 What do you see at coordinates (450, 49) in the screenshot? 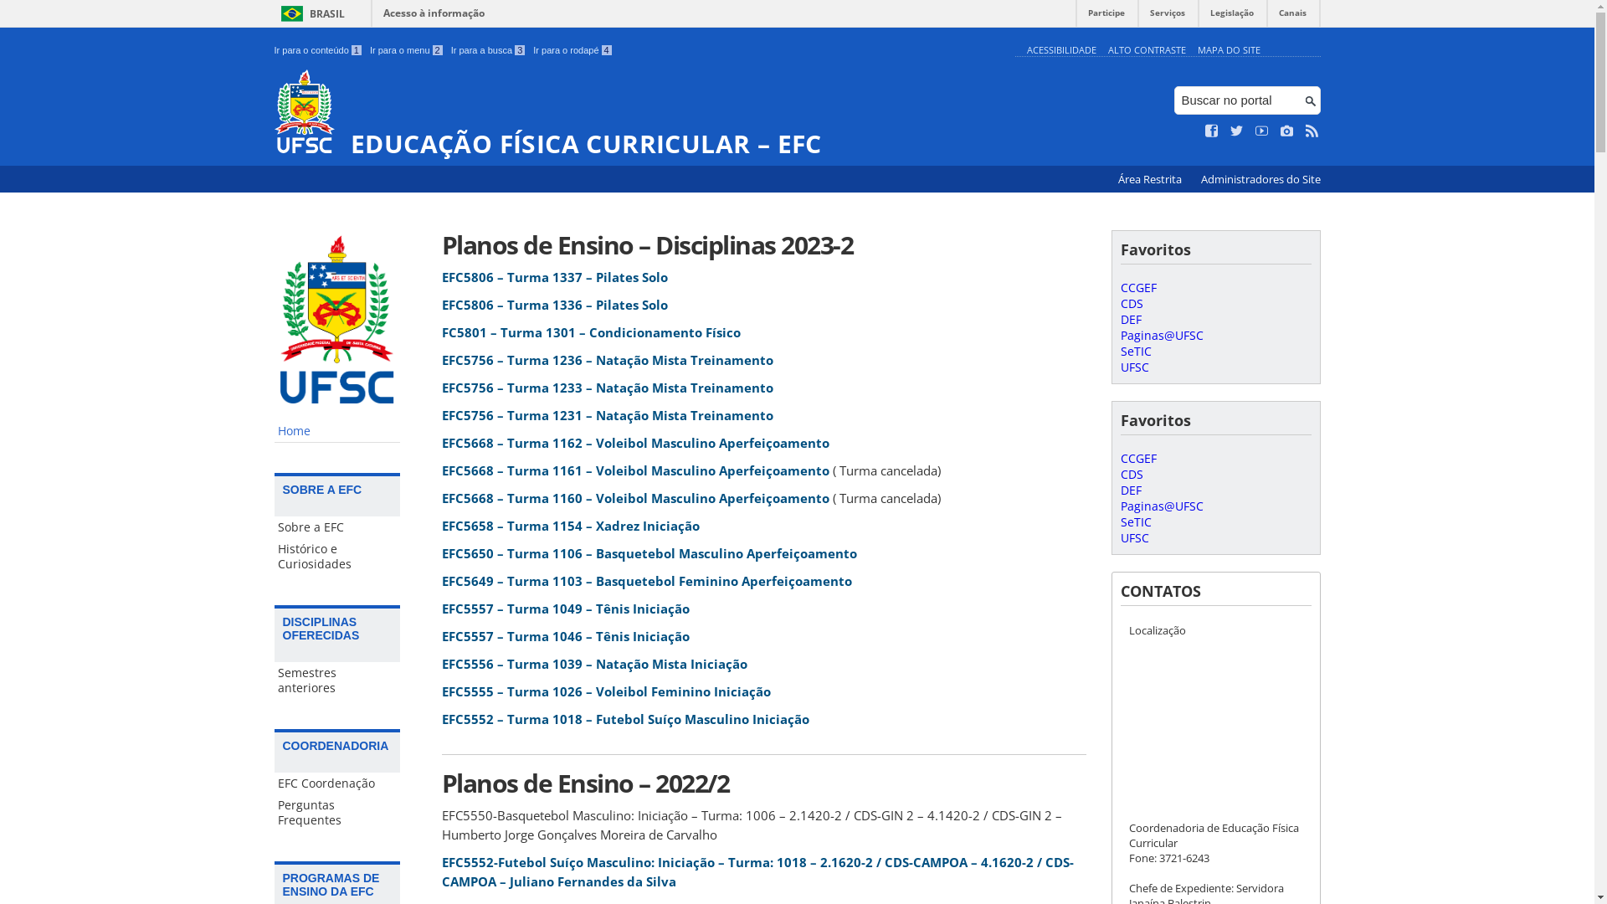
I see `'Ir para a busca 3'` at bounding box center [450, 49].